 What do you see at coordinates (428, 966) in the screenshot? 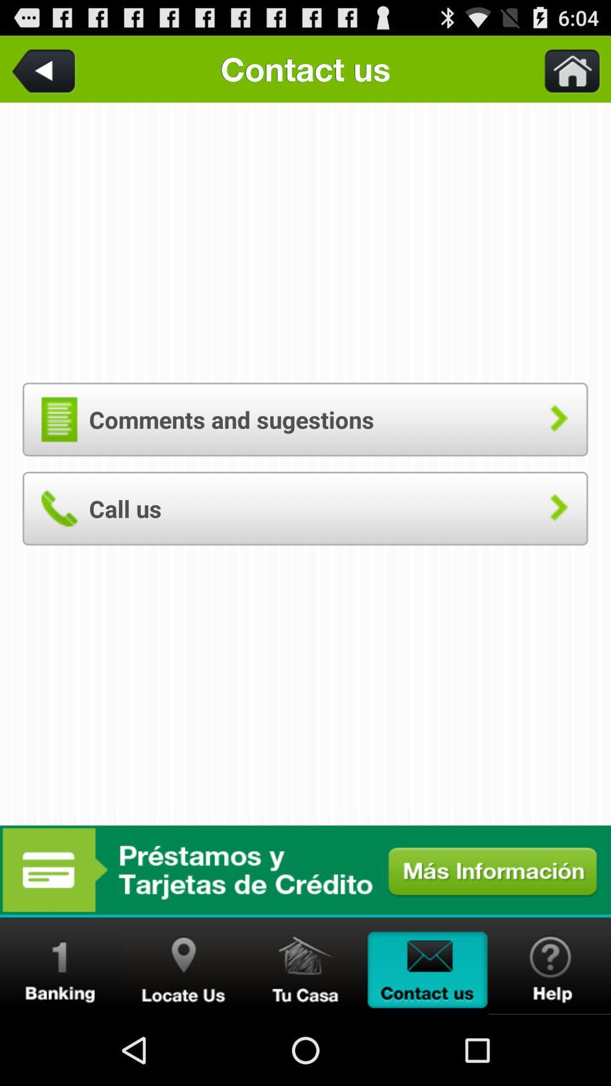
I see `contact us option` at bounding box center [428, 966].